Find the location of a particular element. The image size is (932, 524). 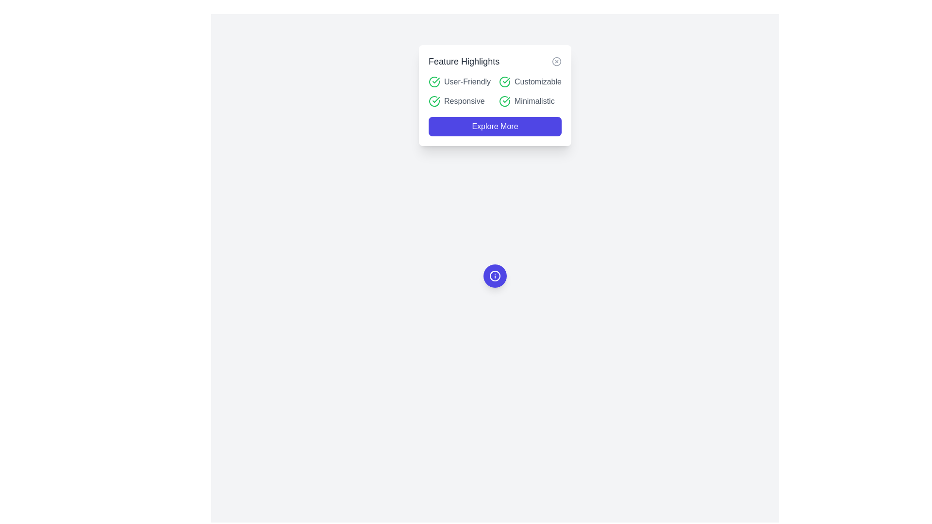

the checkmark icon inside a circle, rendered in bright green, adjacent to the text 'Minimalistic' within the card labeled 'Feature Highlights' is located at coordinates (505, 101).